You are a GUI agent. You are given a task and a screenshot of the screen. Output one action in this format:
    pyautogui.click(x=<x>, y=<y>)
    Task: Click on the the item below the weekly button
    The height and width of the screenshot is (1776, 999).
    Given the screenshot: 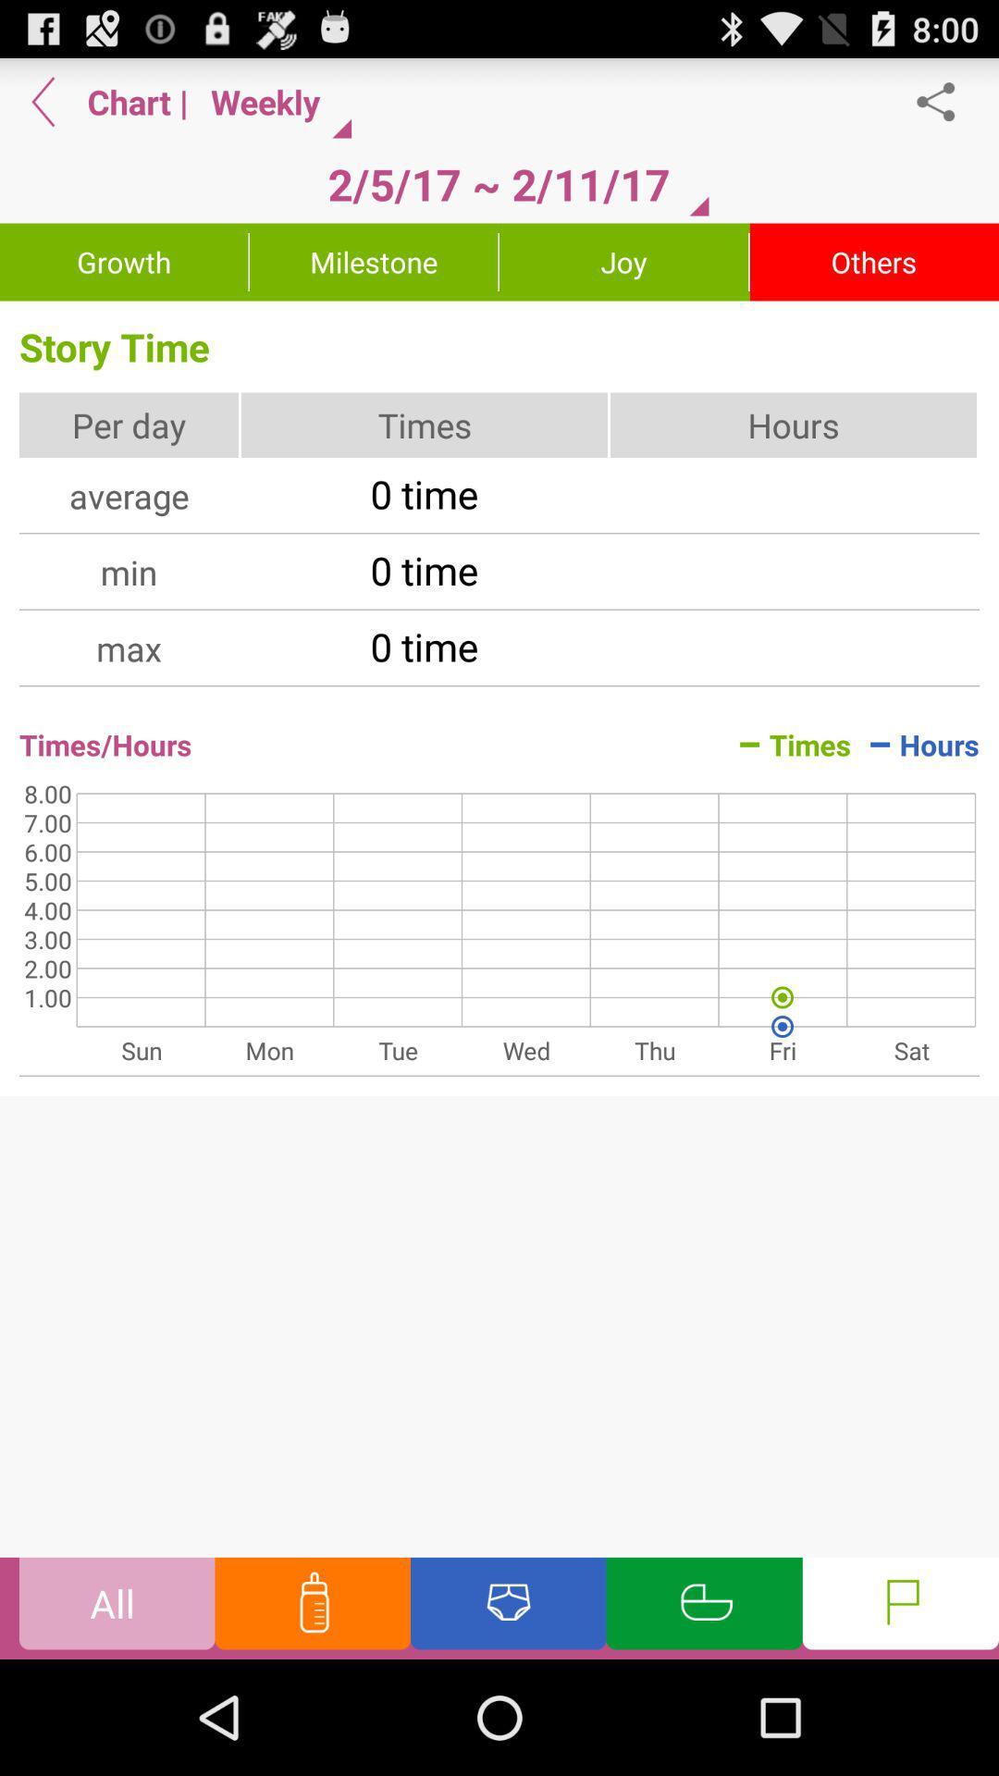 What is the action you would take?
    pyautogui.click(x=498, y=184)
    